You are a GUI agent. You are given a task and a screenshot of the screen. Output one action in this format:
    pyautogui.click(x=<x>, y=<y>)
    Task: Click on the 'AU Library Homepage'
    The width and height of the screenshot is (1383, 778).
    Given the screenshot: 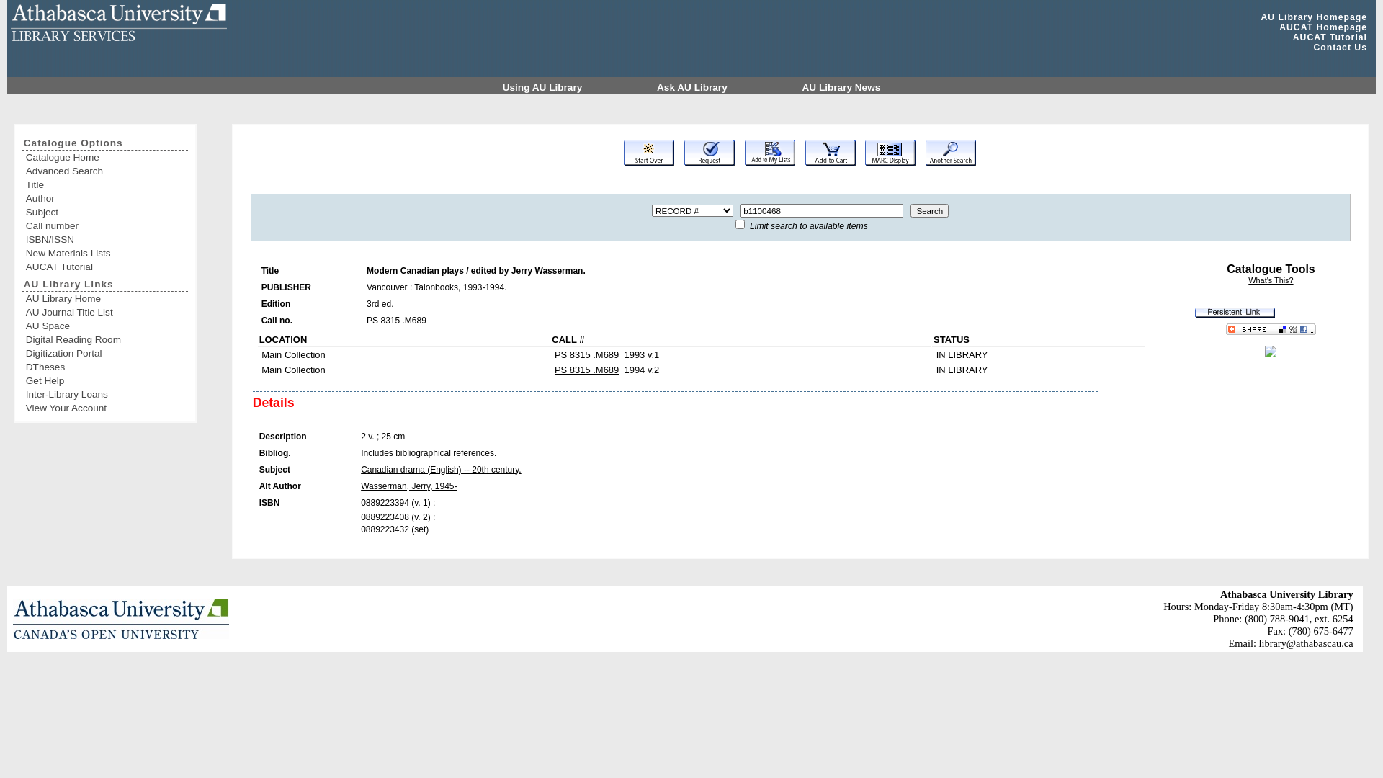 What is the action you would take?
    pyautogui.click(x=1314, y=17)
    